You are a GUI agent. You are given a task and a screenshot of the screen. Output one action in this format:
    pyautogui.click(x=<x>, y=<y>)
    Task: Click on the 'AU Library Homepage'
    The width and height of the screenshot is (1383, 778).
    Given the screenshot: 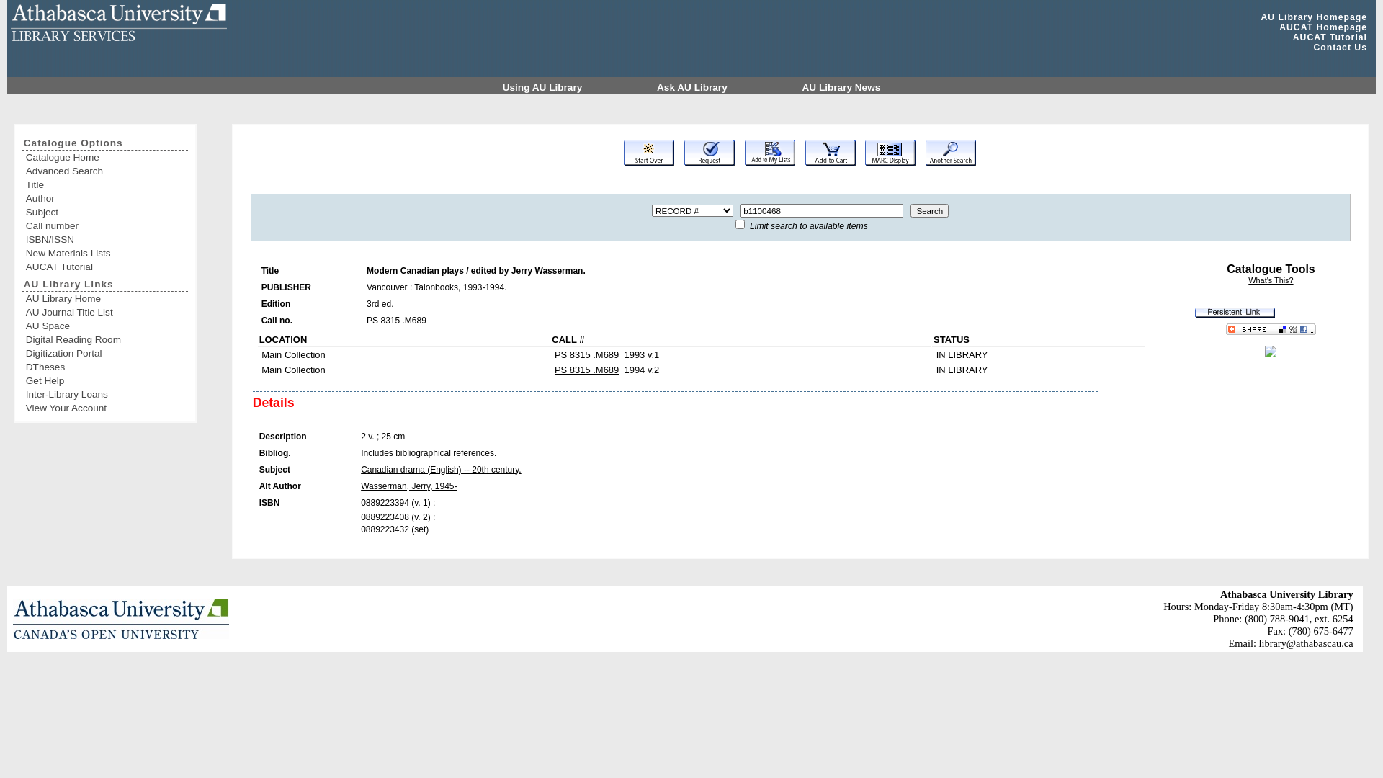 What is the action you would take?
    pyautogui.click(x=1314, y=17)
    